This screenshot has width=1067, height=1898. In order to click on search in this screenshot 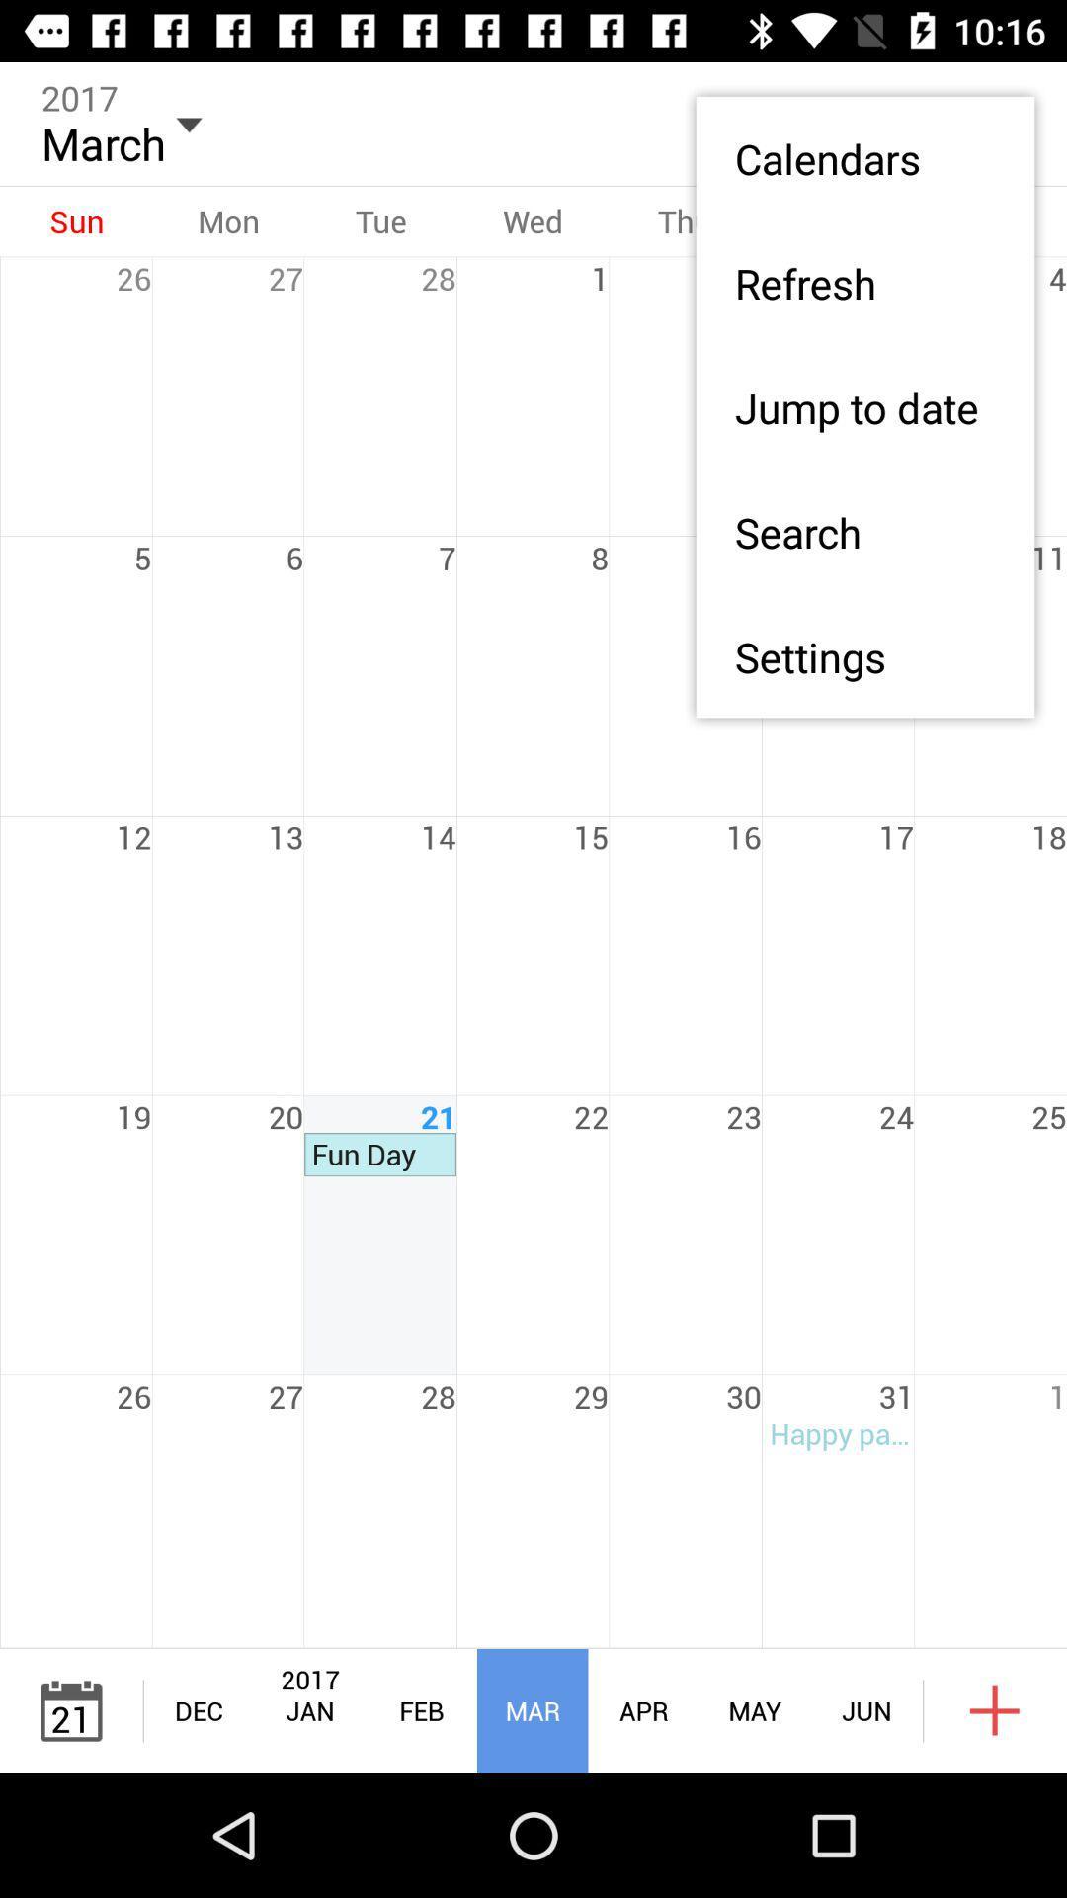, I will do `click(863, 532)`.